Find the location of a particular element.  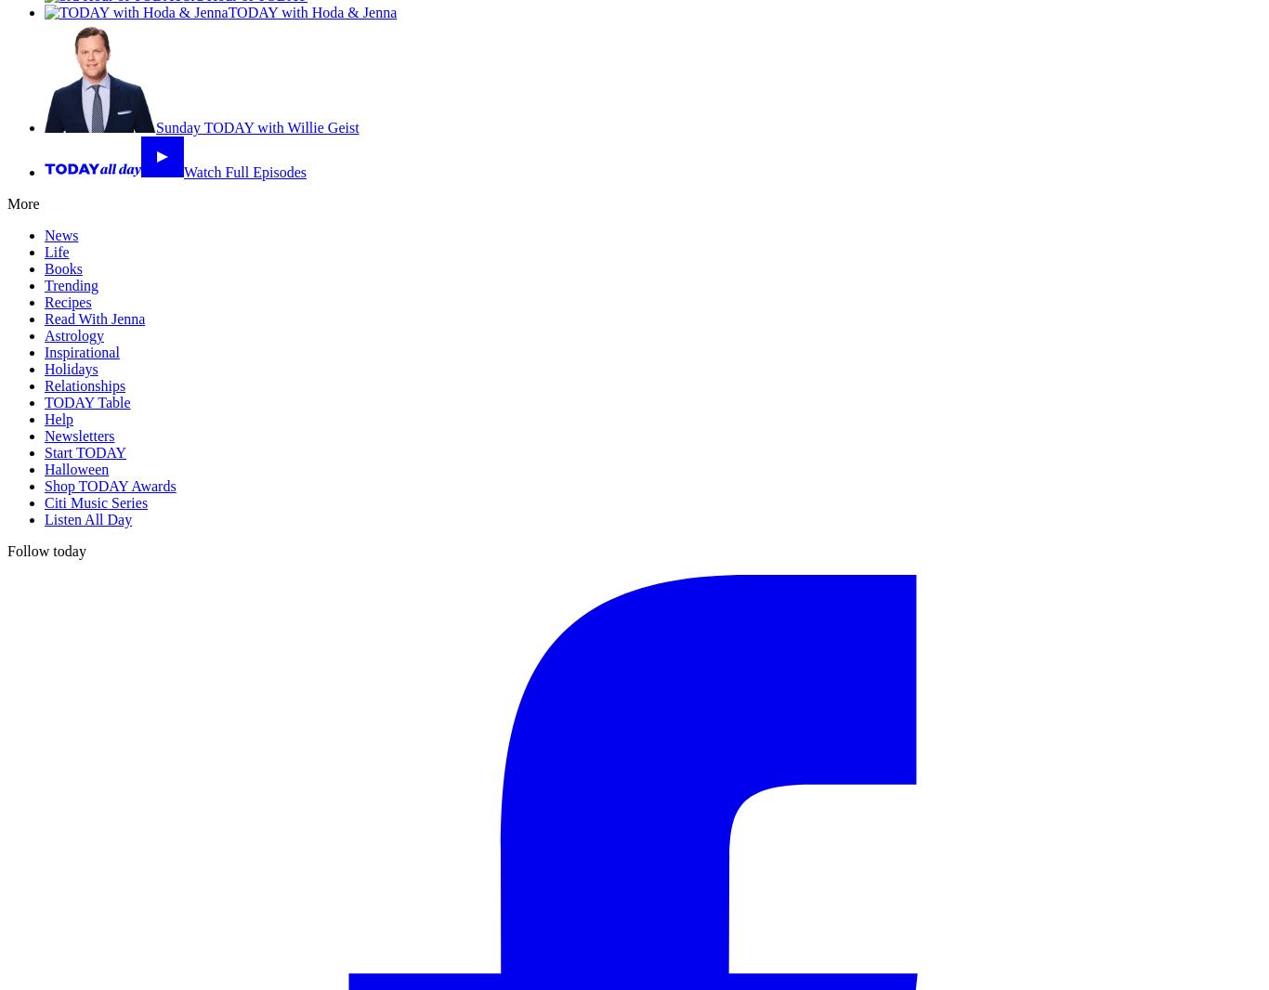

'Start TODAY' is located at coordinates (44, 452).